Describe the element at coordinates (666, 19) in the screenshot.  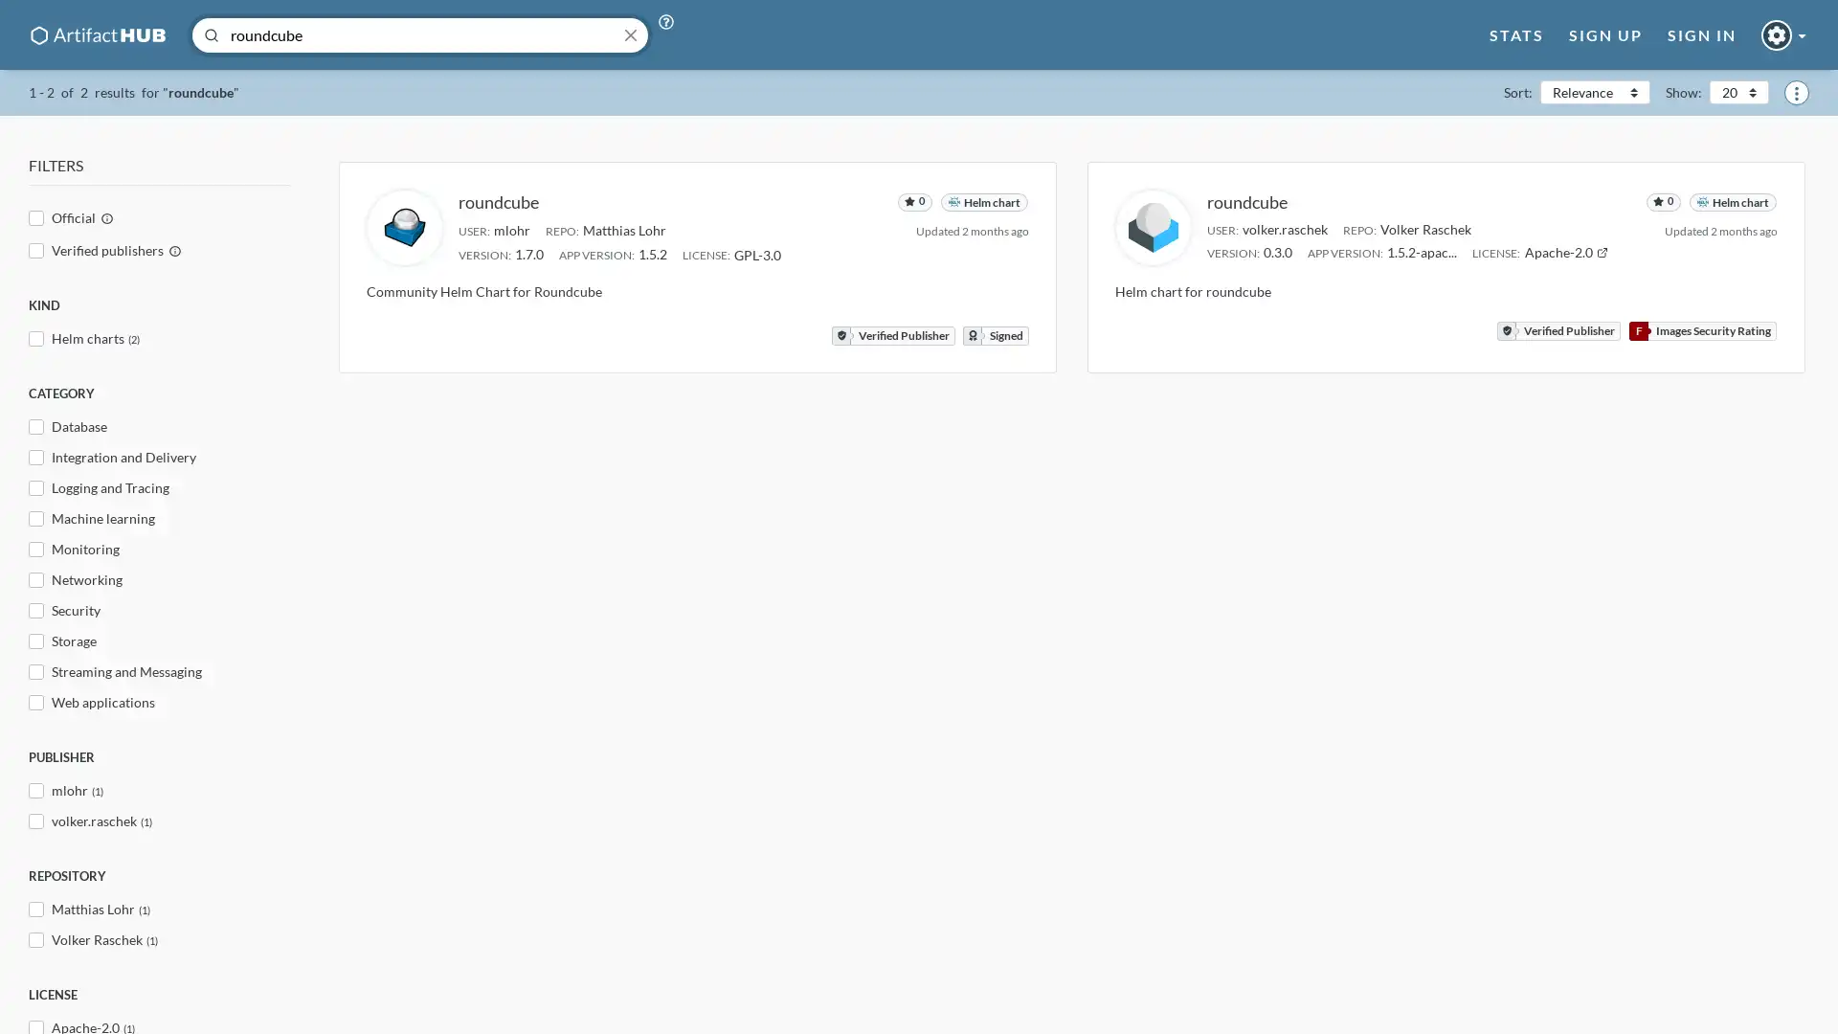
I see `Open search tips modal` at that location.